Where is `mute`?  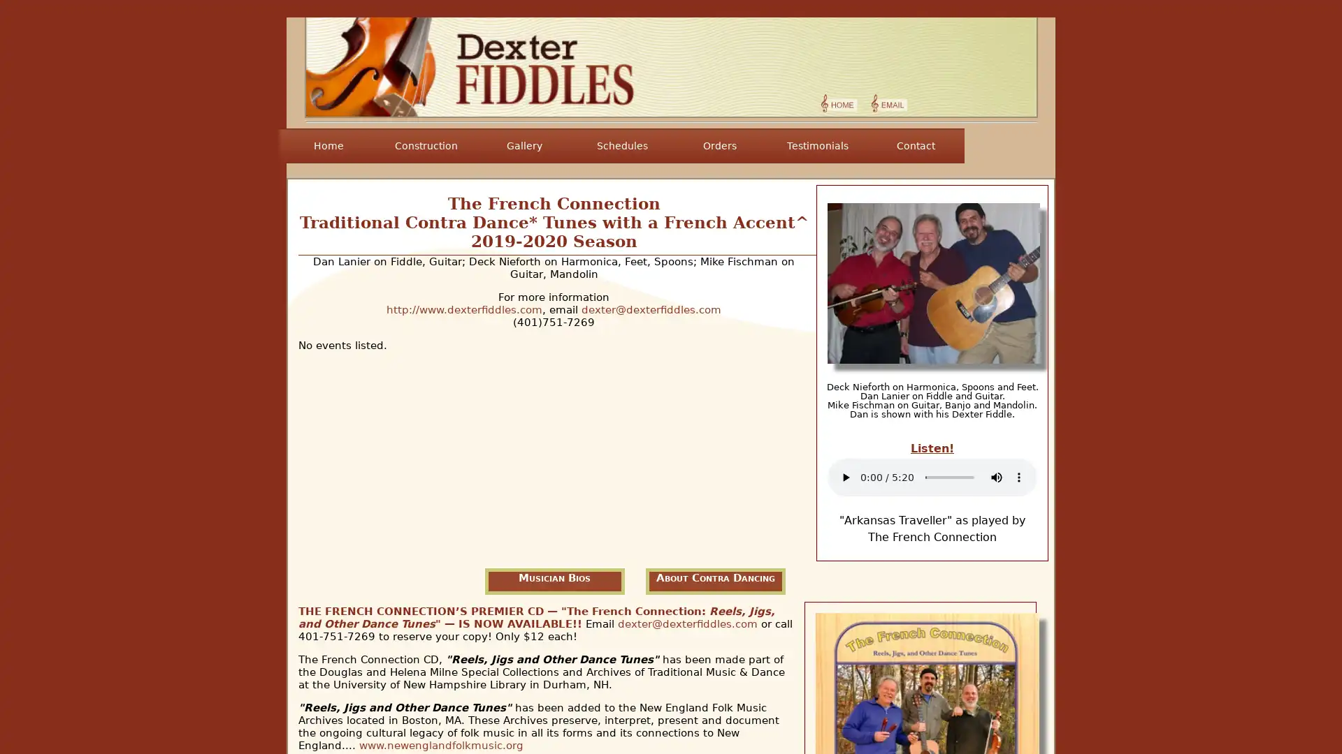
mute is located at coordinates (995, 475).